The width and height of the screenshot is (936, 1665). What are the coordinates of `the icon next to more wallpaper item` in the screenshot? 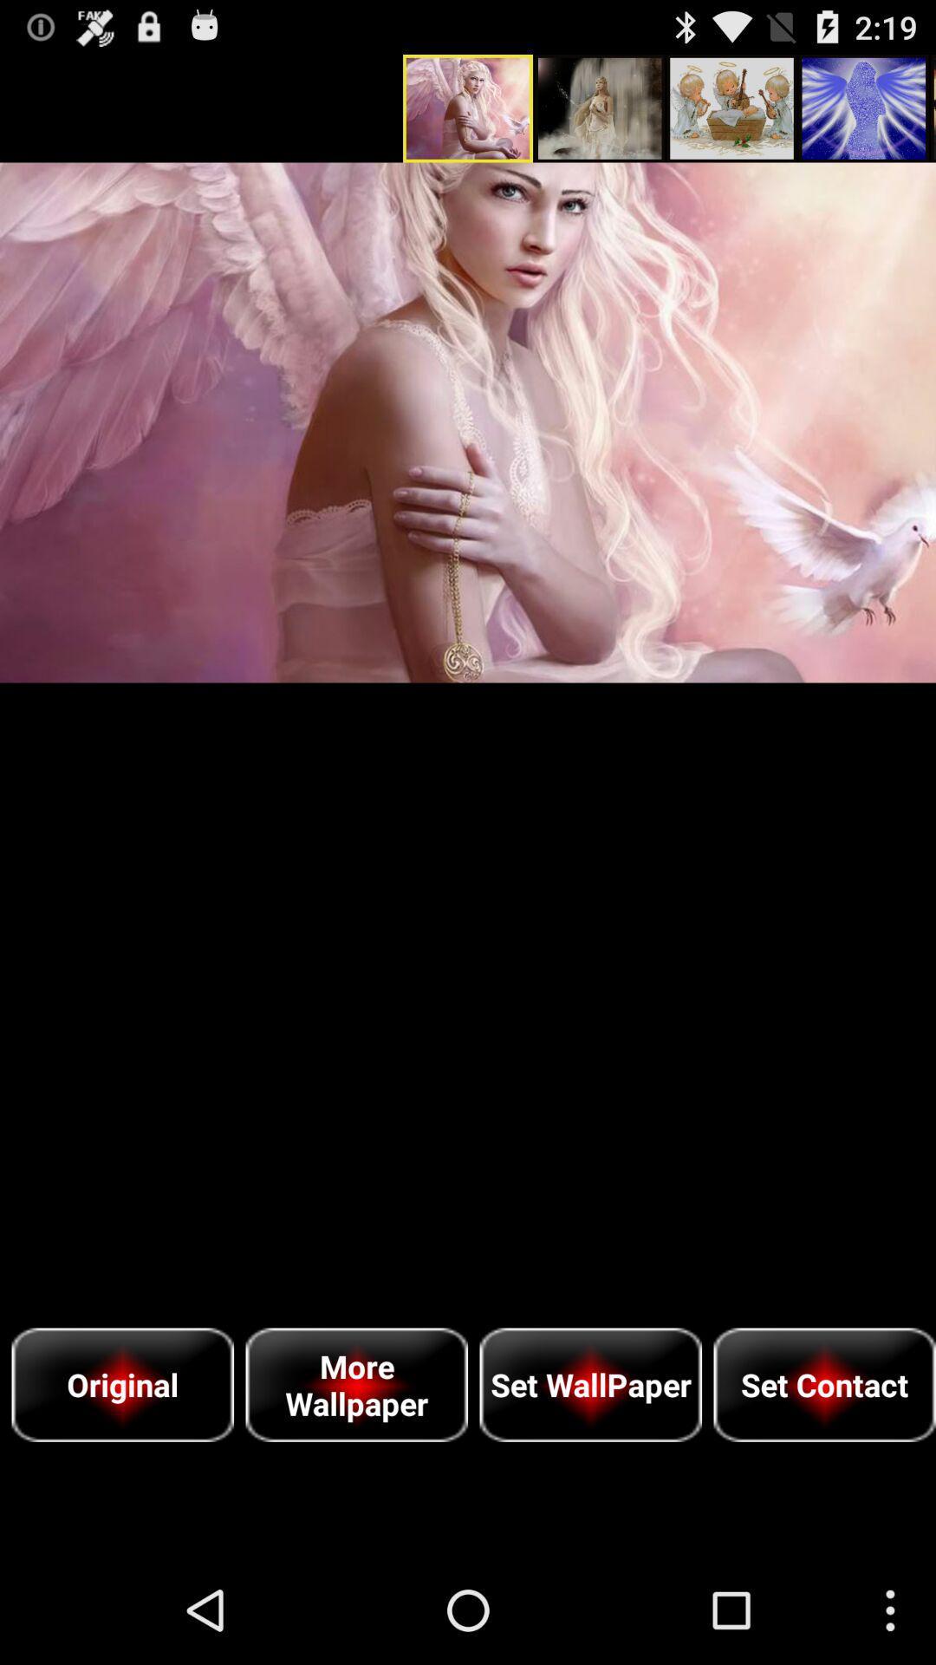 It's located at (121, 1384).